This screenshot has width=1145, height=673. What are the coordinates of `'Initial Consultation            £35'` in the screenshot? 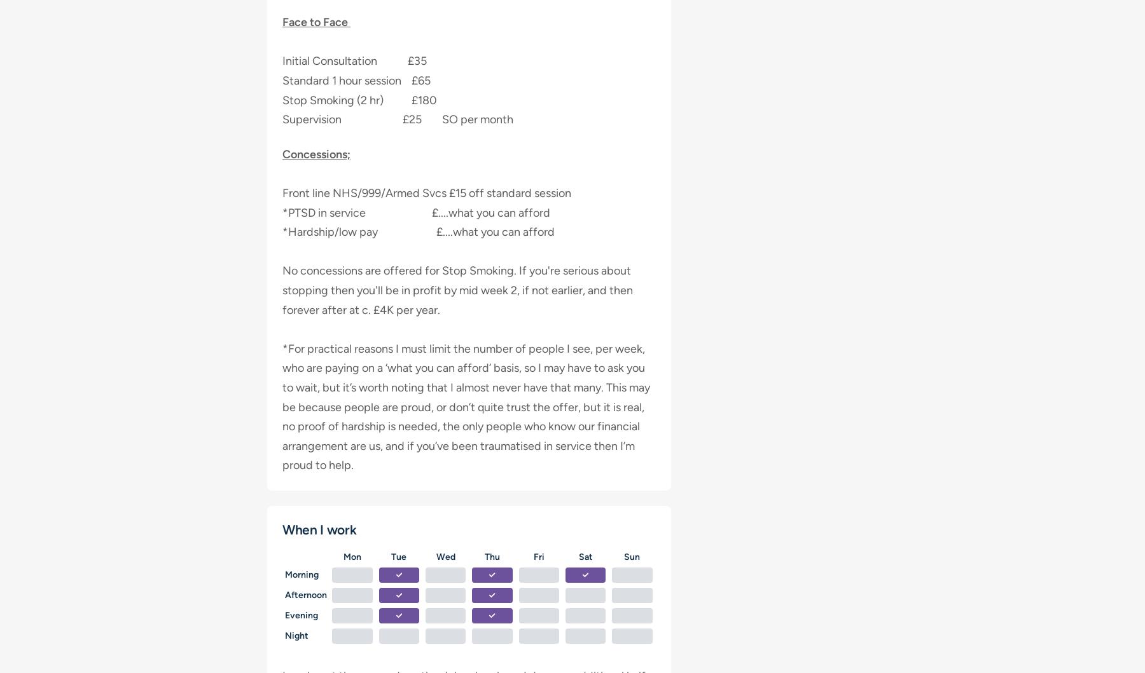 It's located at (354, 61).